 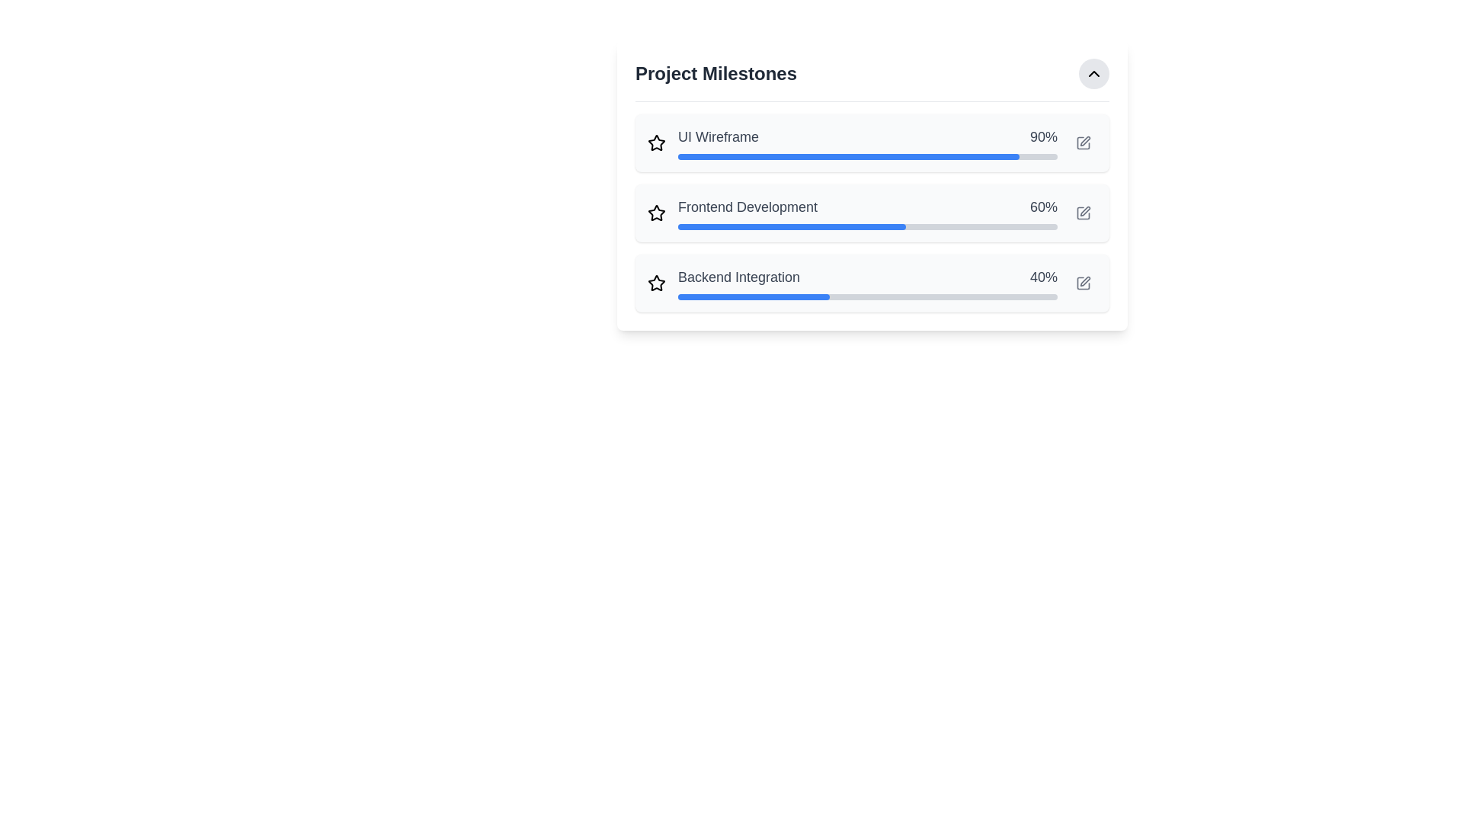 I want to click on the second horizontal progress bar, which is styled with a light gray base and a blue-filled portion indicating 60% completion, located below the 'Frontend Development' text, so click(x=867, y=226).